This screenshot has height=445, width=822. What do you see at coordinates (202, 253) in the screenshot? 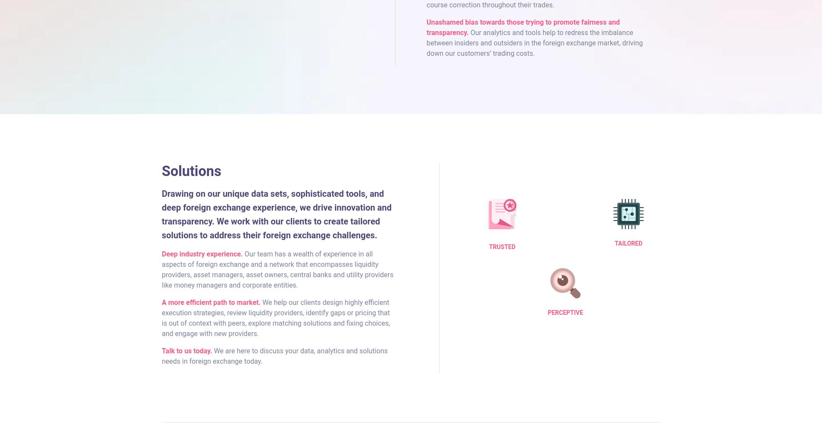
I see `'Deep industry experience.'` at bounding box center [202, 253].